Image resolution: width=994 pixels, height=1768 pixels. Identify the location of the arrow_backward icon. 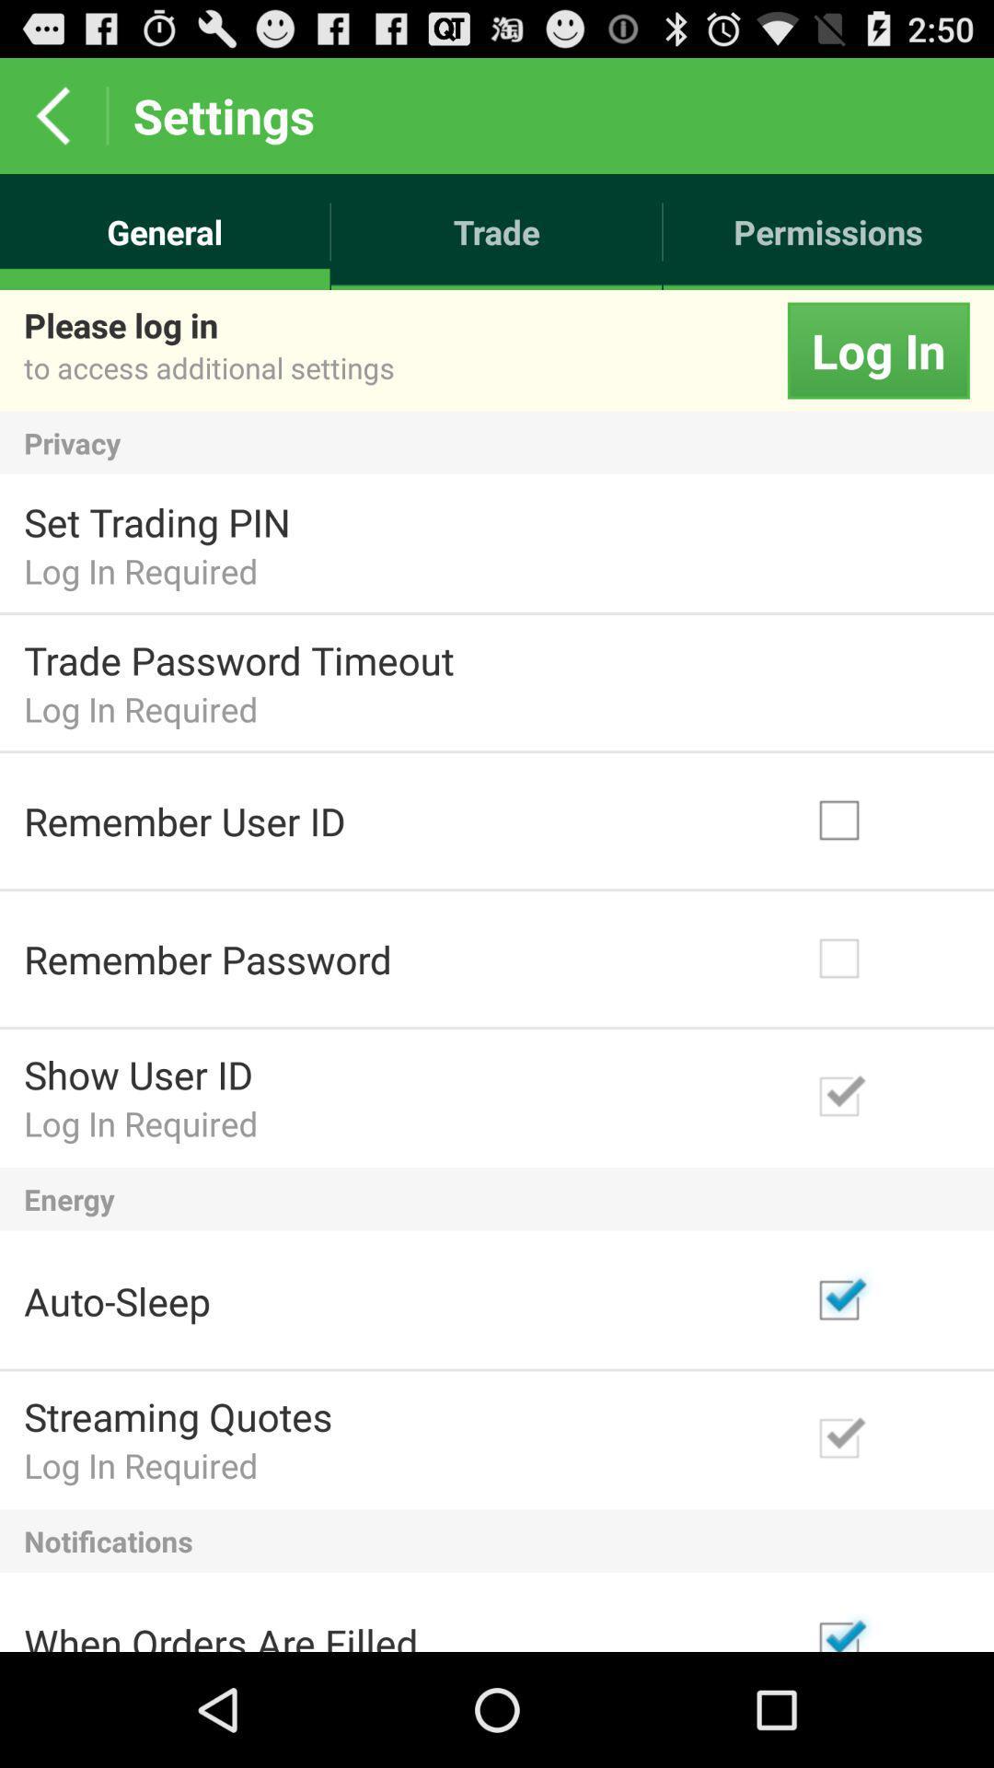
(52, 122).